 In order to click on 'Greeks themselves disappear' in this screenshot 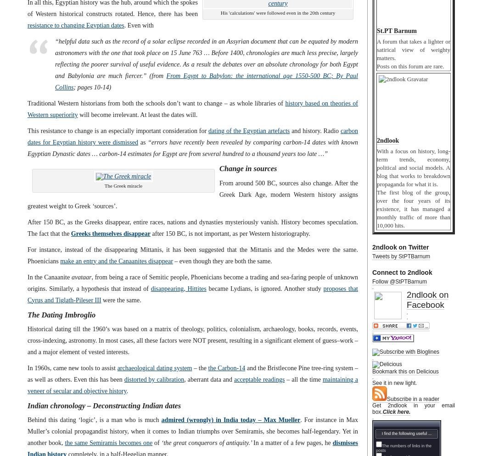, I will do `click(110, 233)`.